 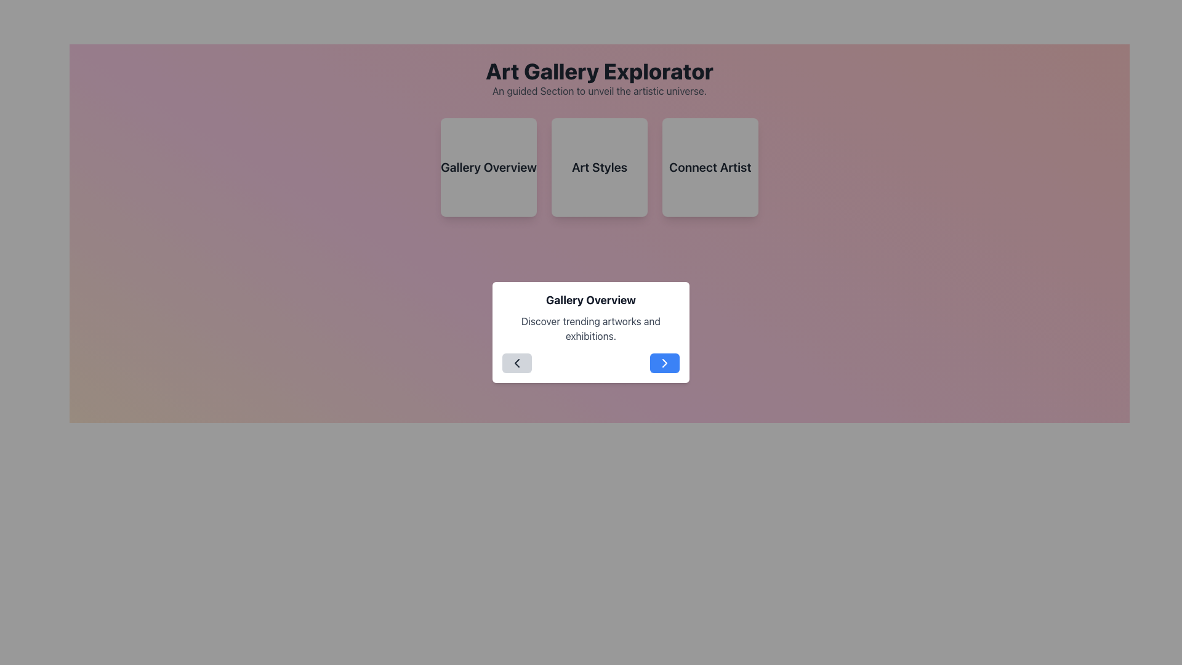 I want to click on text label displaying 'Art Styles' in bold, dark gray font located in the central card of the Art Gallery Explorator section, so click(x=600, y=167).